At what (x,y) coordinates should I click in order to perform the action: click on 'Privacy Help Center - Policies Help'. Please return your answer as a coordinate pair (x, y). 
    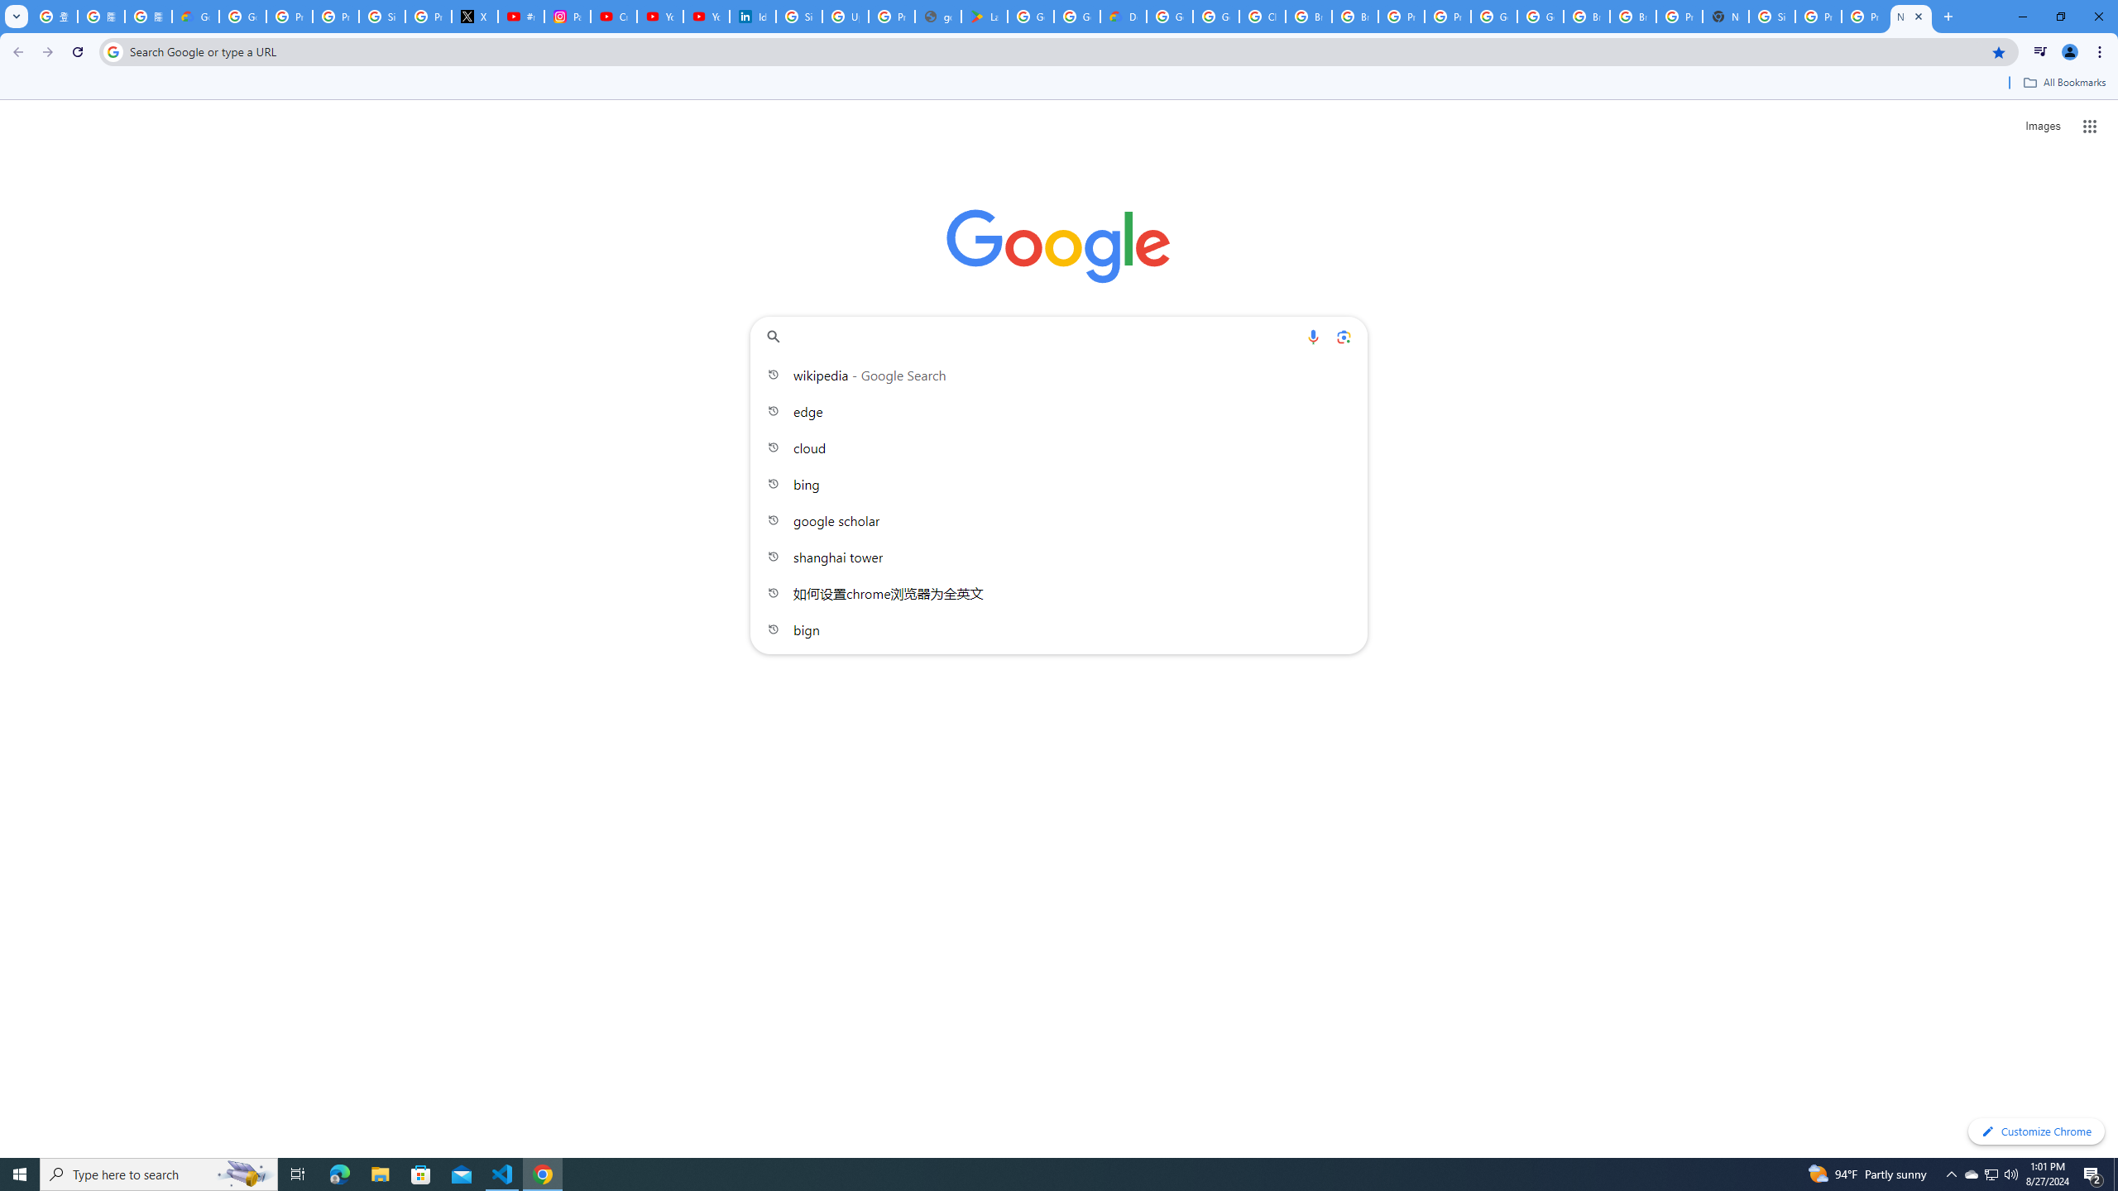
    Looking at the image, I should click on (334, 16).